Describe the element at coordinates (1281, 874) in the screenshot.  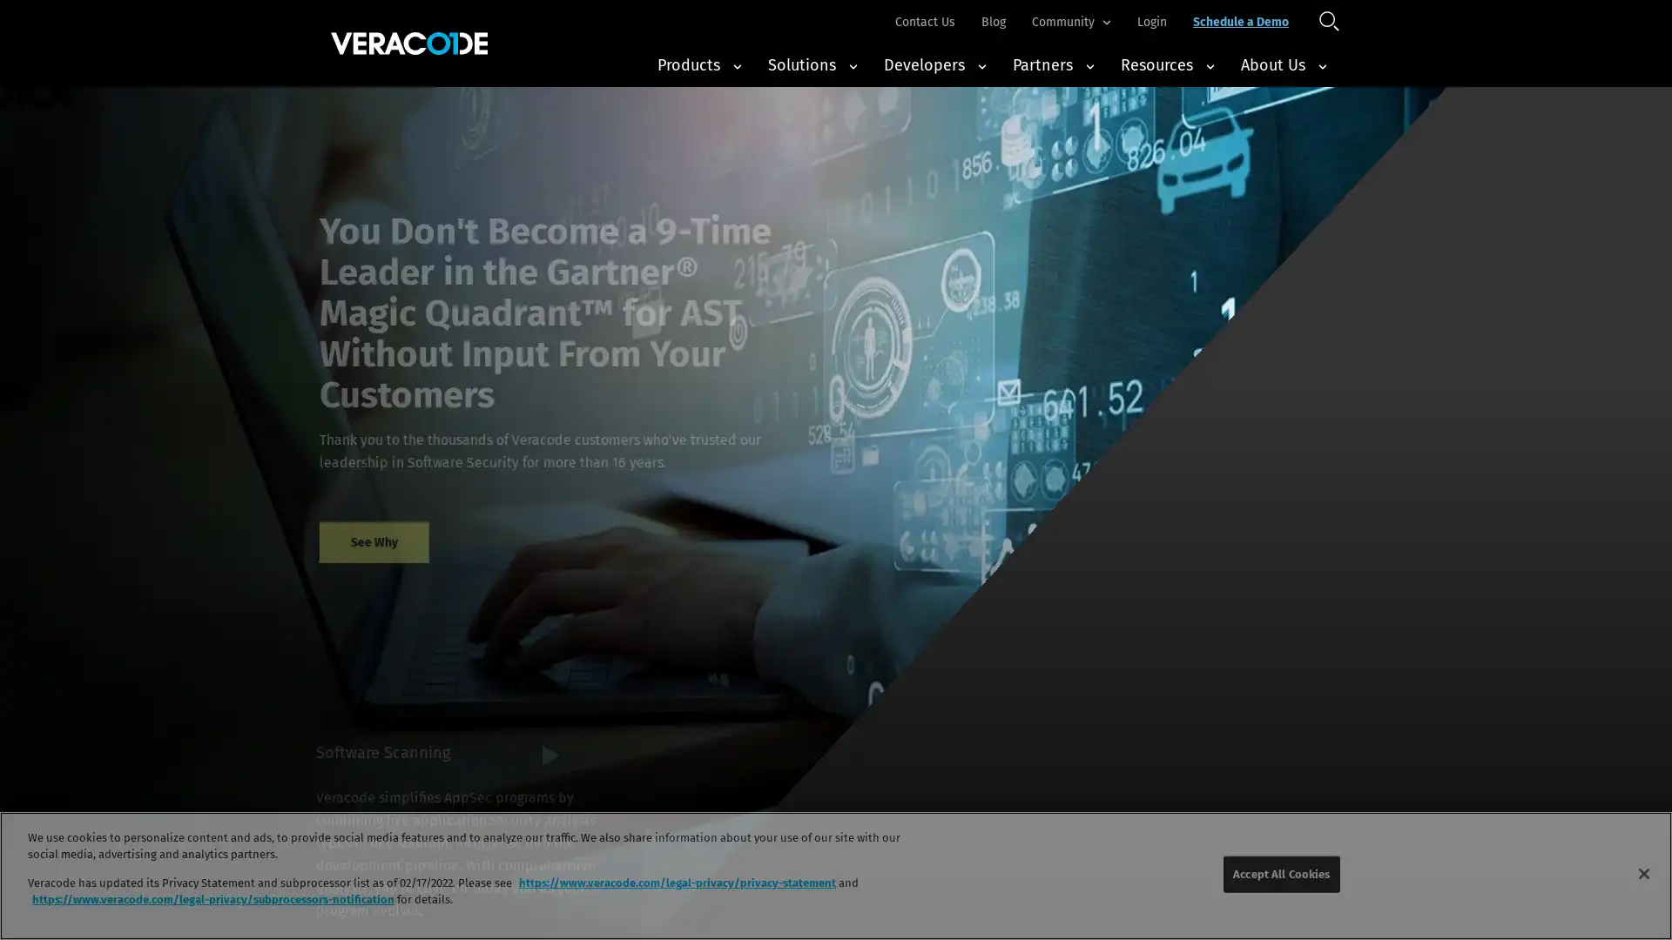
I see `Accept All Cookies` at that location.